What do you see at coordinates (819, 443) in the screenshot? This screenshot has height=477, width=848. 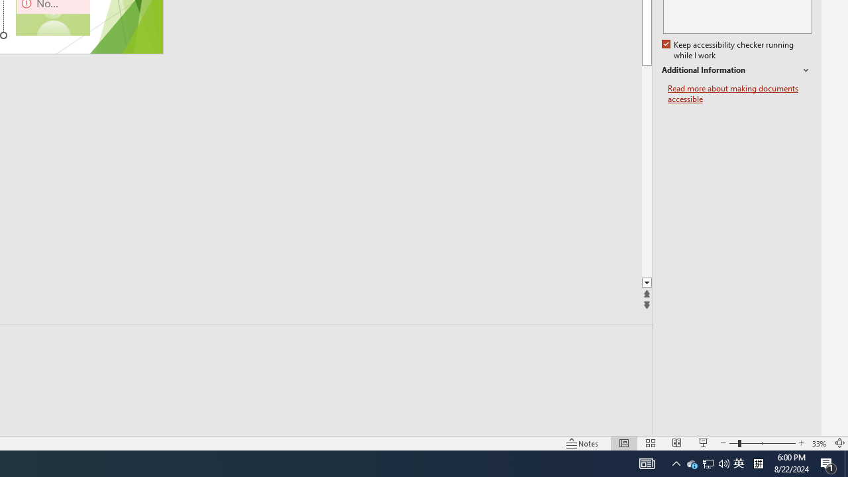 I see `'Zoom 33%'` at bounding box center [819, 443].